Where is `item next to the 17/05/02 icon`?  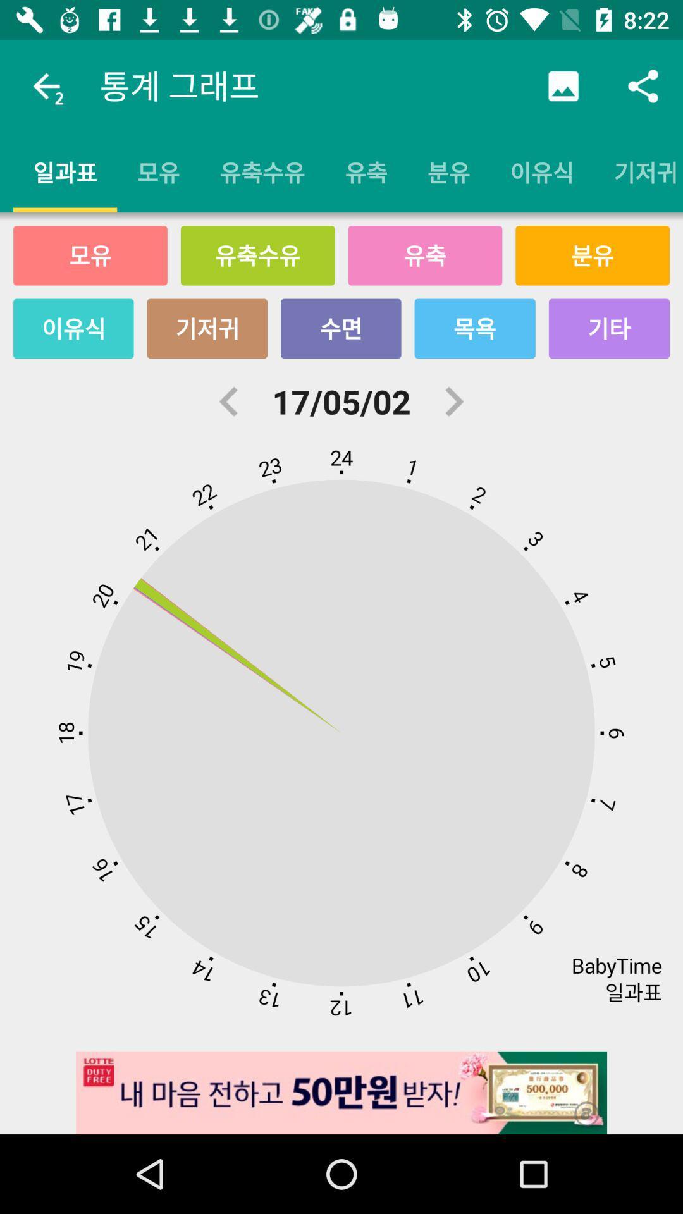 item next to the 17/05/02 icon is located at coordinates (453, 401).